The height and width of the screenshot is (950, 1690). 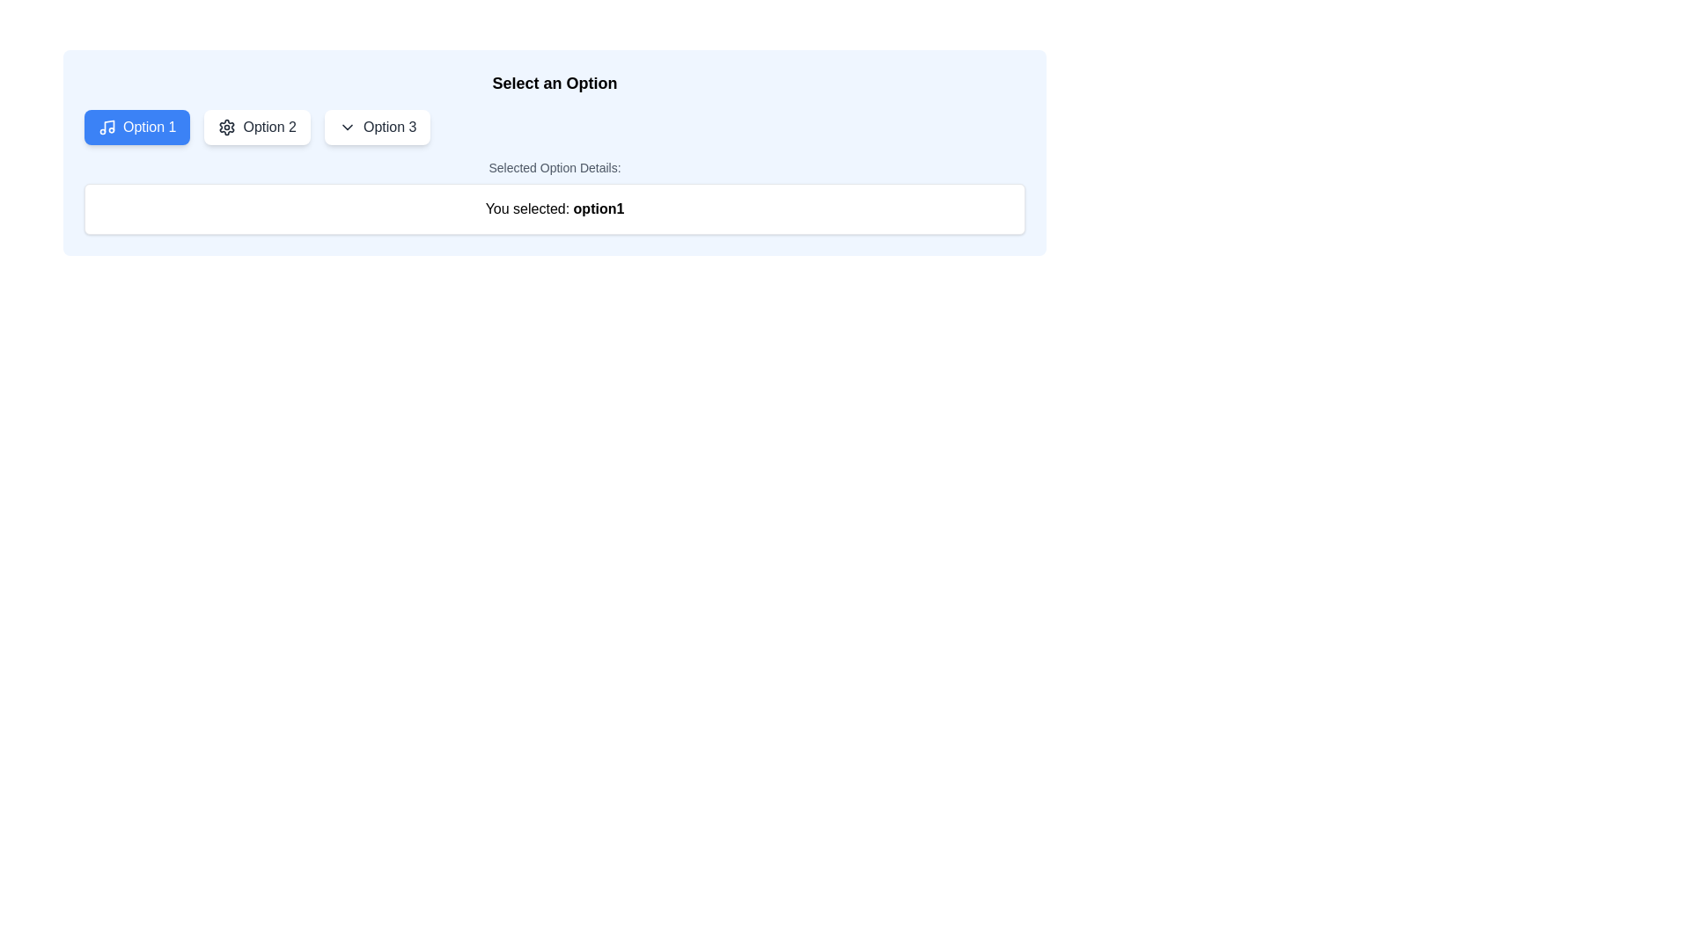 What do you see at coordinates (256, 127) in the screenshot?
I see `the 'Option 2' button, which is a rectangular button with a gear icon and dark gray text` at bounding box center [256, 127].